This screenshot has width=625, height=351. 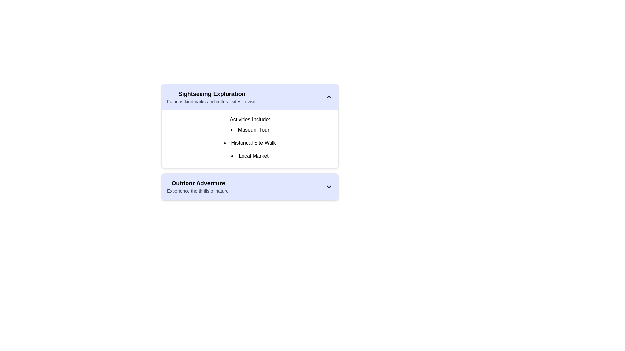 I want to click on the small downward-pointing chevron icon located at the right end of the 'Outdoor Adventure' section, which is aligned horizontally with the text 'Outdoor Adventure' and 'Experience the thrills of nature.', so click(x=329, y=187).